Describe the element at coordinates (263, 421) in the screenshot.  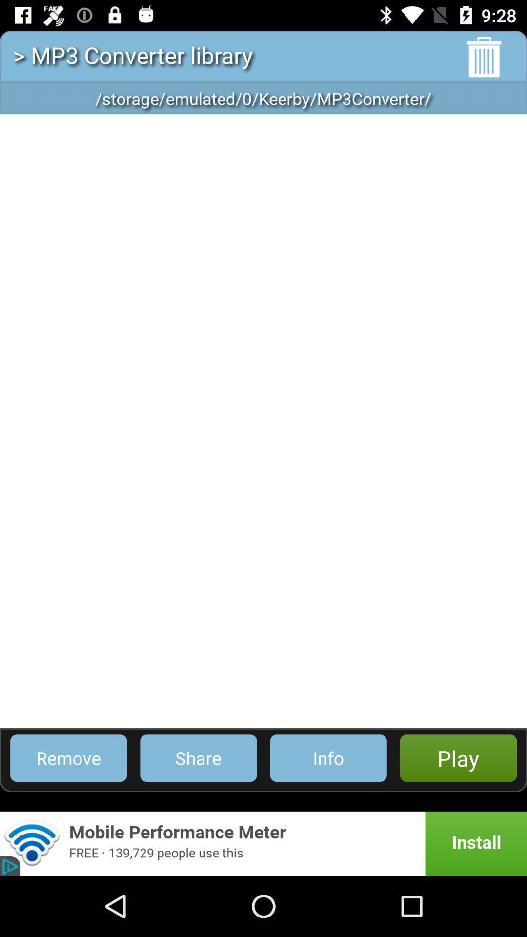
I see `the icon below storage emulated 0 item` at that location.